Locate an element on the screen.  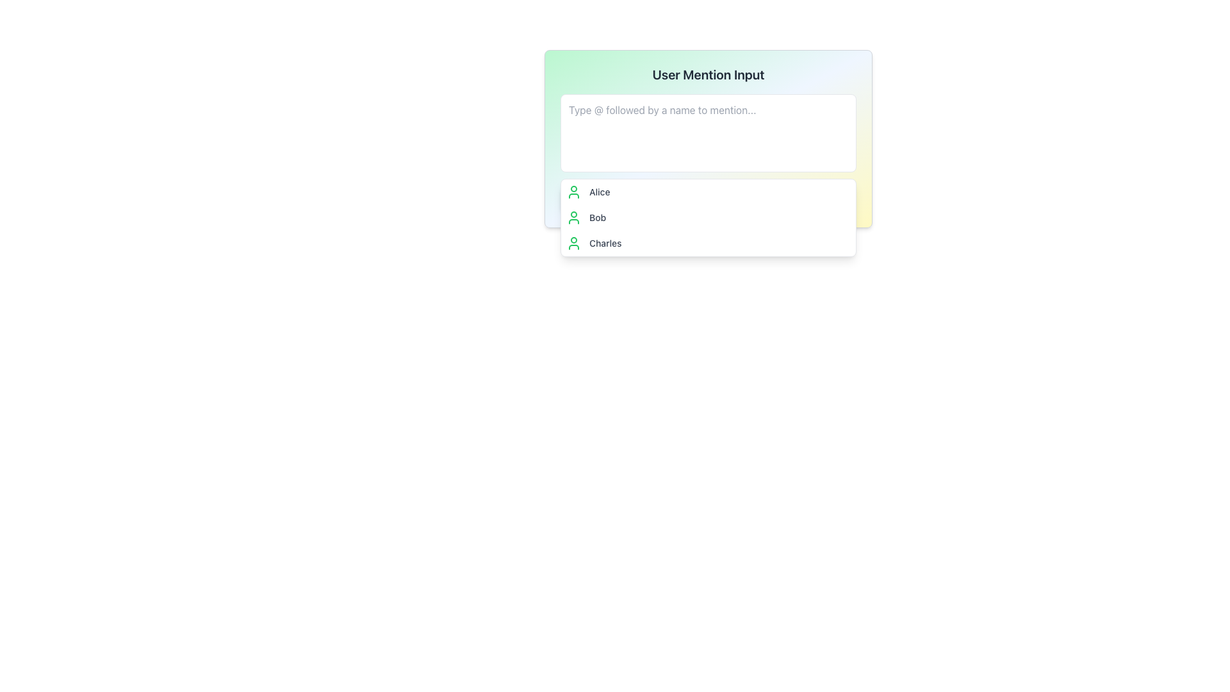
the textual label displaying the name 'Bob', which is the second entry in the user mention dropdown menu is located at coordinates (597, 217).